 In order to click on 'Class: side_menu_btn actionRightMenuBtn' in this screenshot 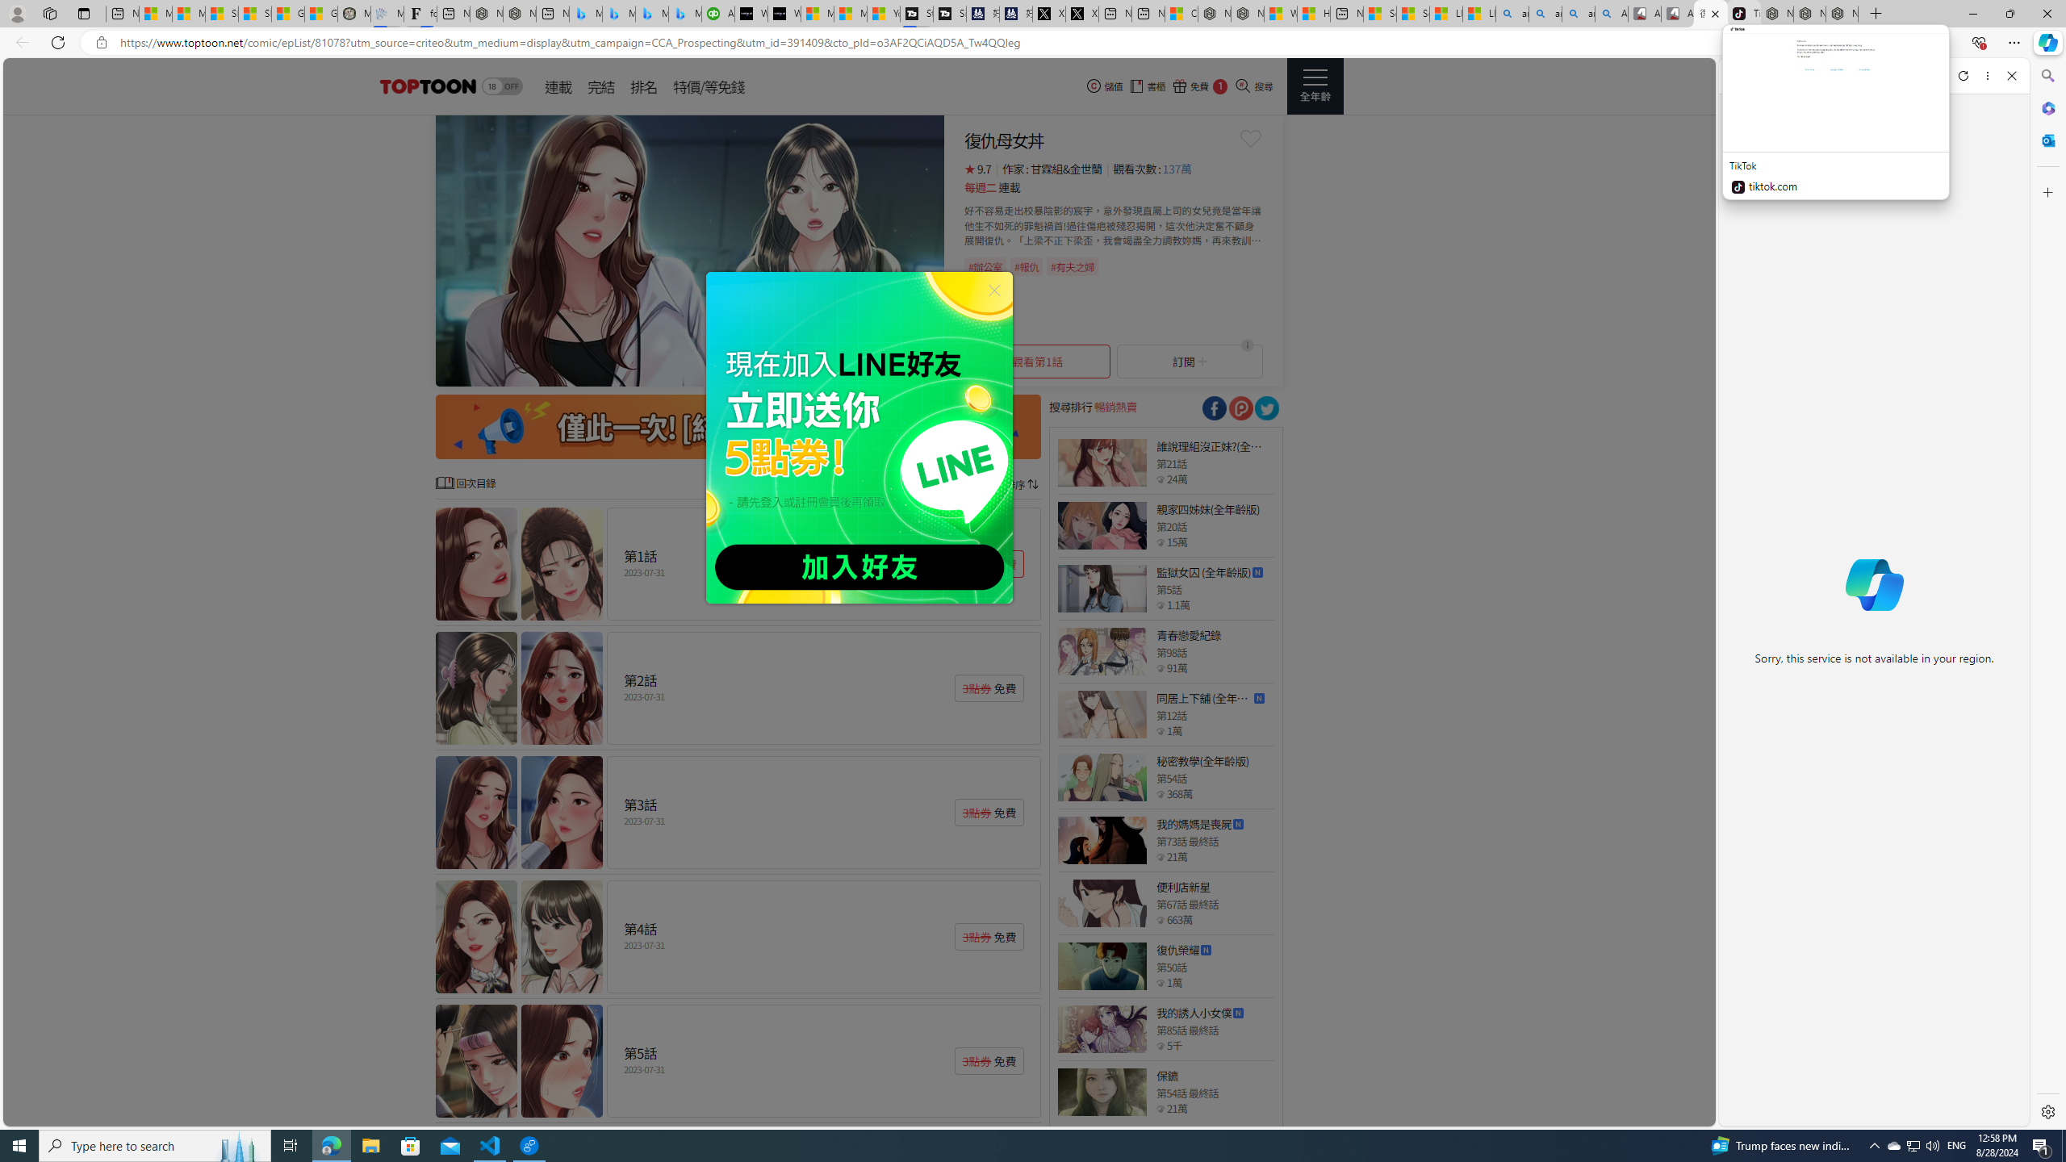, I will do `click(1314, 86)`.